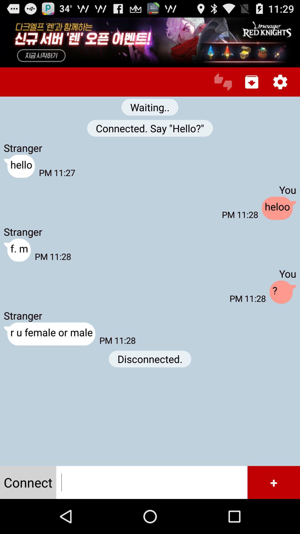 The width and height of the screenshot is (300, 534). I want to click on the app to the right of the pm 11:28 item, so click(279, 208).